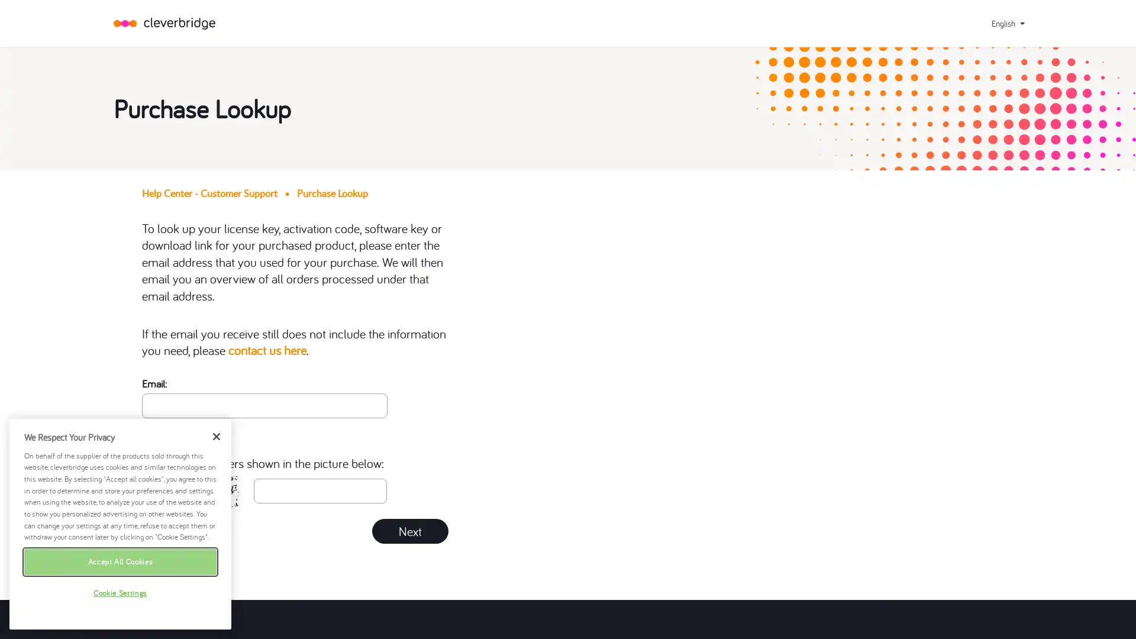 This screenshot has height=639, width=1136. What do you see at coordinates (120, 561) in the screenshot?
I see `Accept All Cookies` at bounding box center [120, 561].